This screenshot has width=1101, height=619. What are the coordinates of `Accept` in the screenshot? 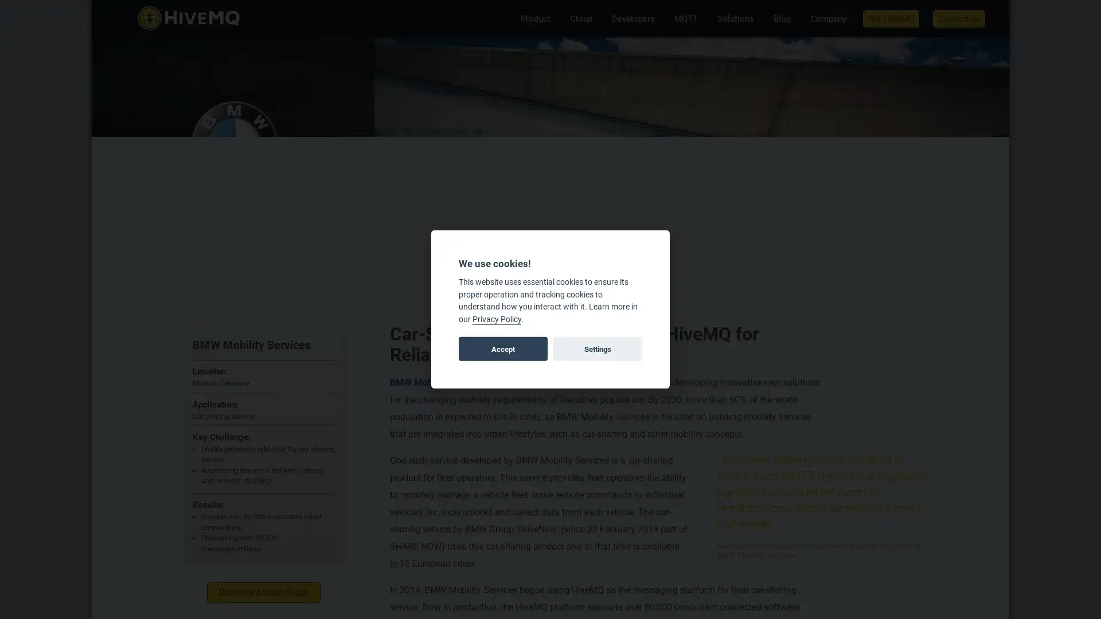 It's located at (503, 348).